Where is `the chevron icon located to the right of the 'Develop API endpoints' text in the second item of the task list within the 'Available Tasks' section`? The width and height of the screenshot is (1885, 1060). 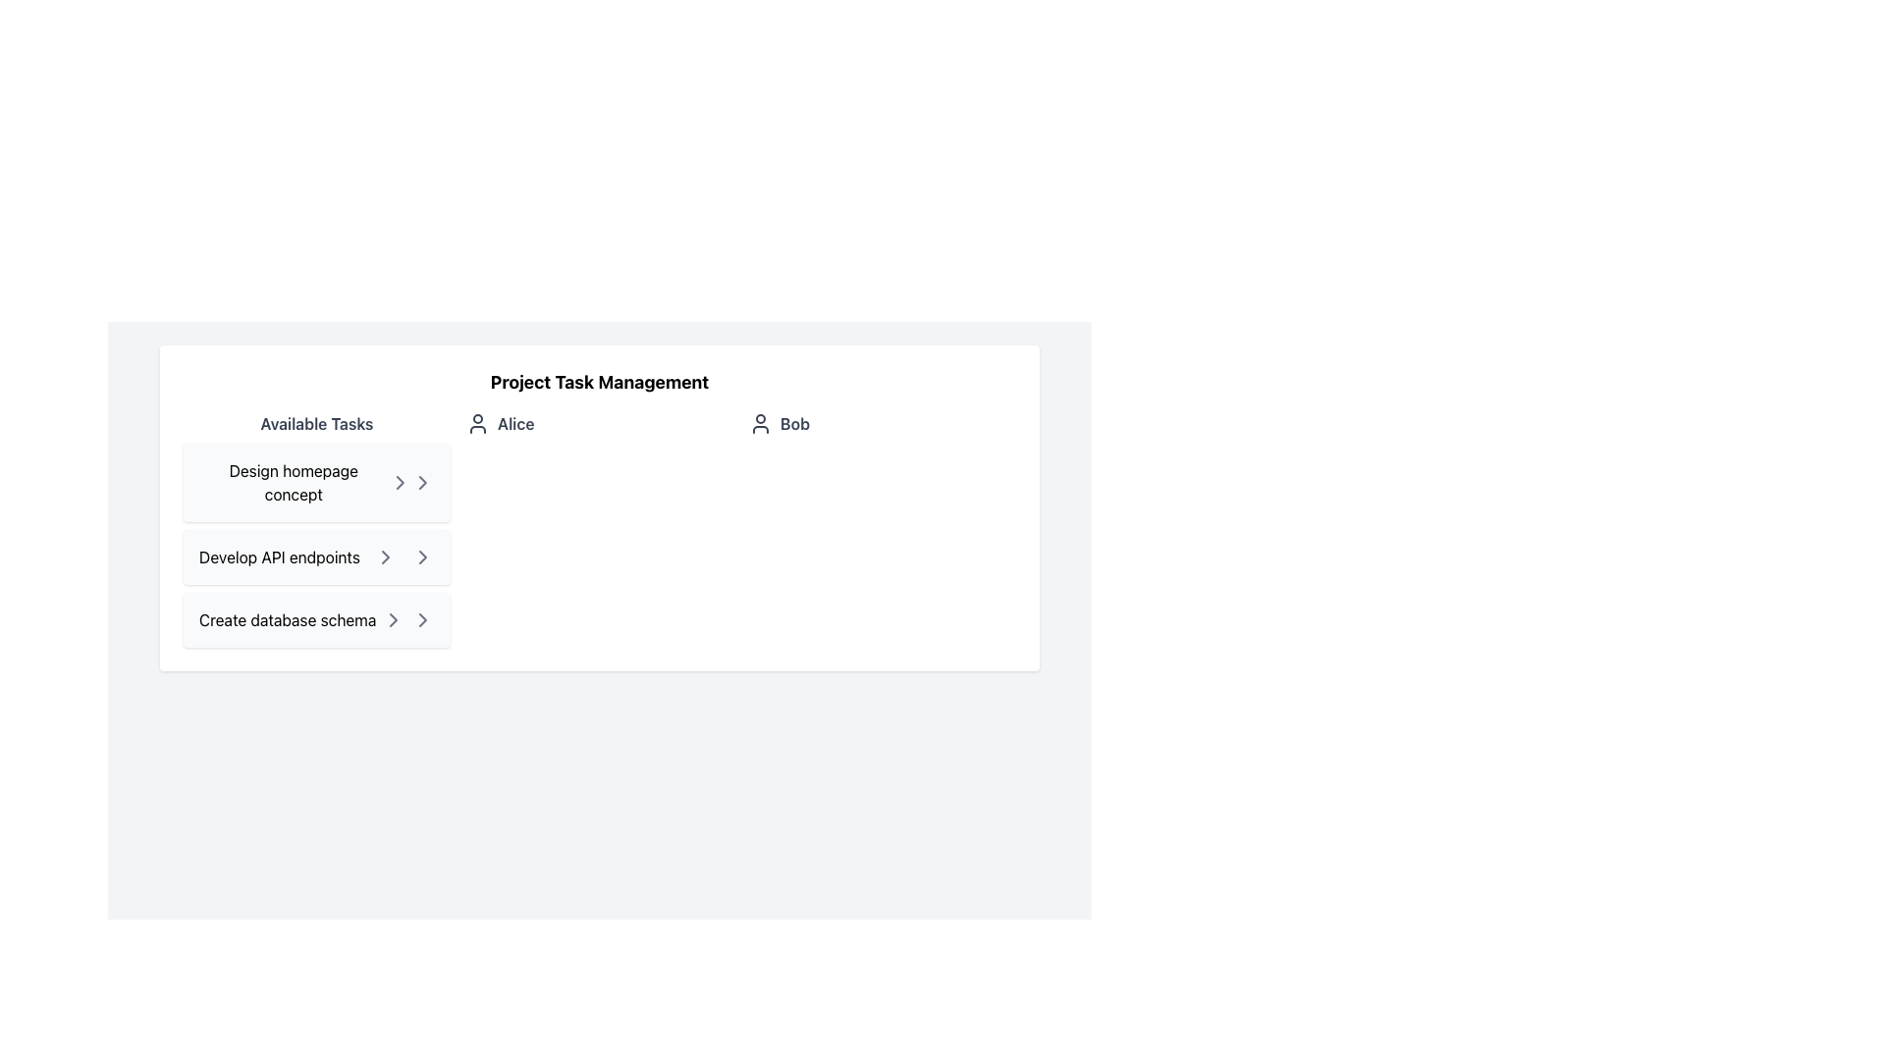 the chevron icon located to the right of the 'Develop API endpoints' text in the second item of the task list within the 'Available Tasks' section is located at coordinates (422, 556).